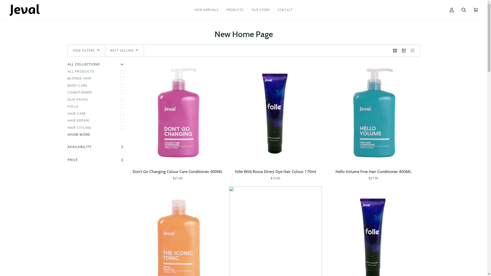 The height and width of the screenshot is (276, 491). Describe the element at coordinates (97, 128) in the screenshot. I see `'HAIR STYLING'` at that location.